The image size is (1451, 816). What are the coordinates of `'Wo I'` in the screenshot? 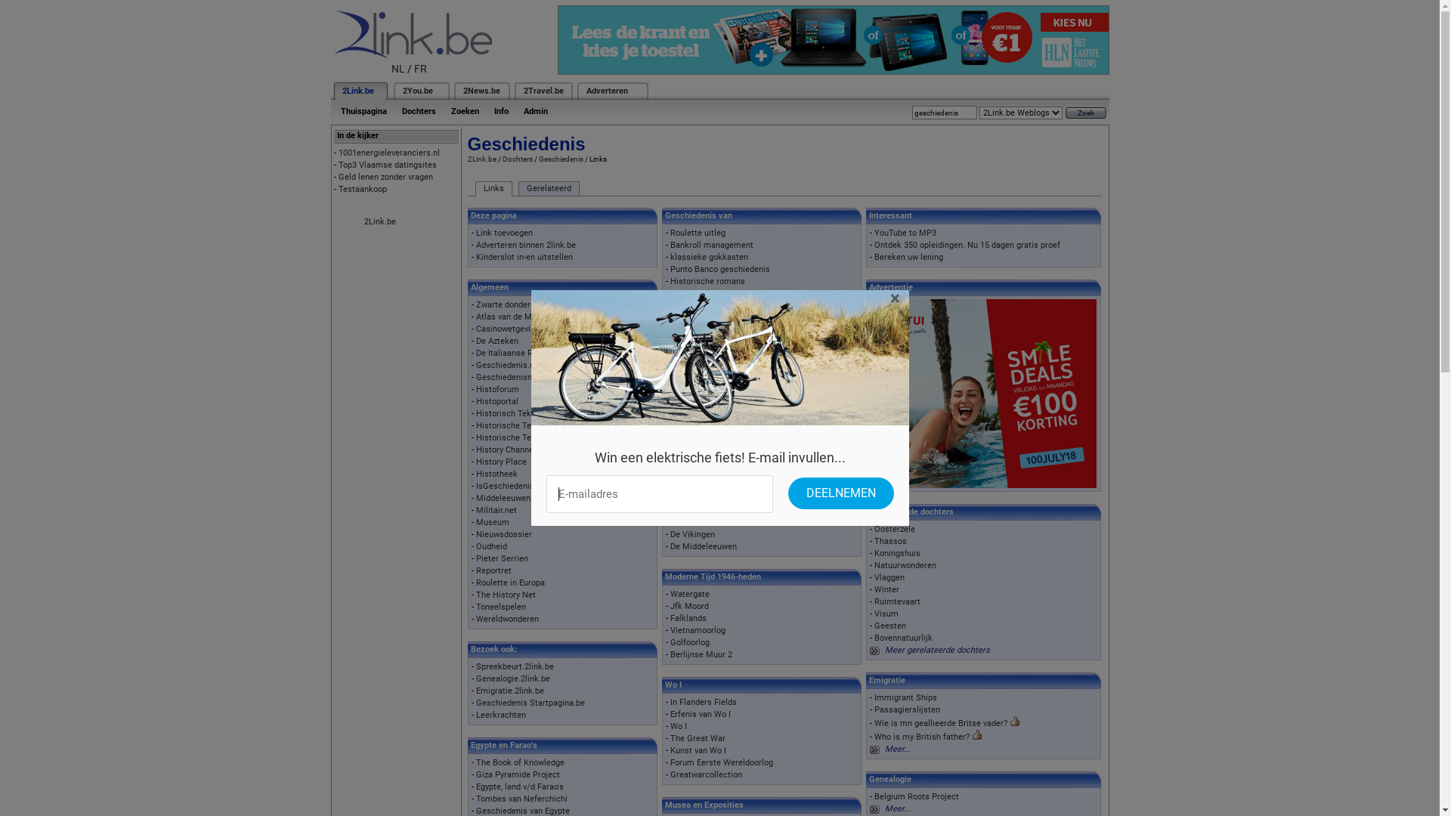 It's located at (677, 725).